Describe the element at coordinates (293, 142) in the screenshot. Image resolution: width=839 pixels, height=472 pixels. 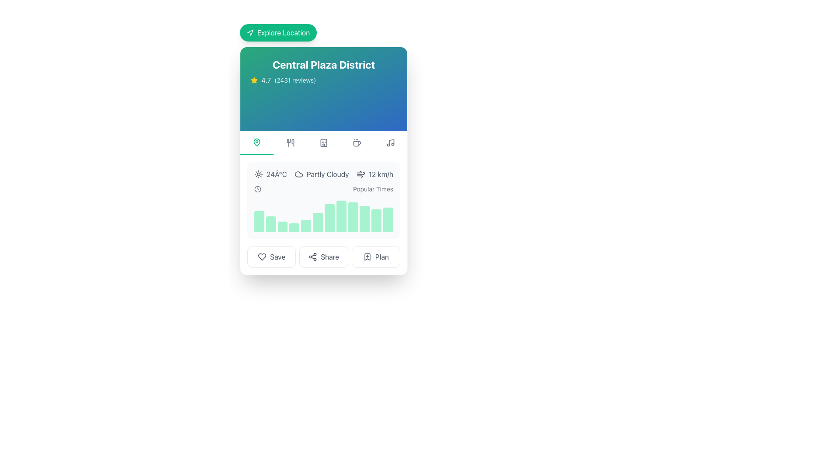
I see `the slender curved line that is the third component of the SVG utensil icon located below the title 'Central Plaza District'` at that location.